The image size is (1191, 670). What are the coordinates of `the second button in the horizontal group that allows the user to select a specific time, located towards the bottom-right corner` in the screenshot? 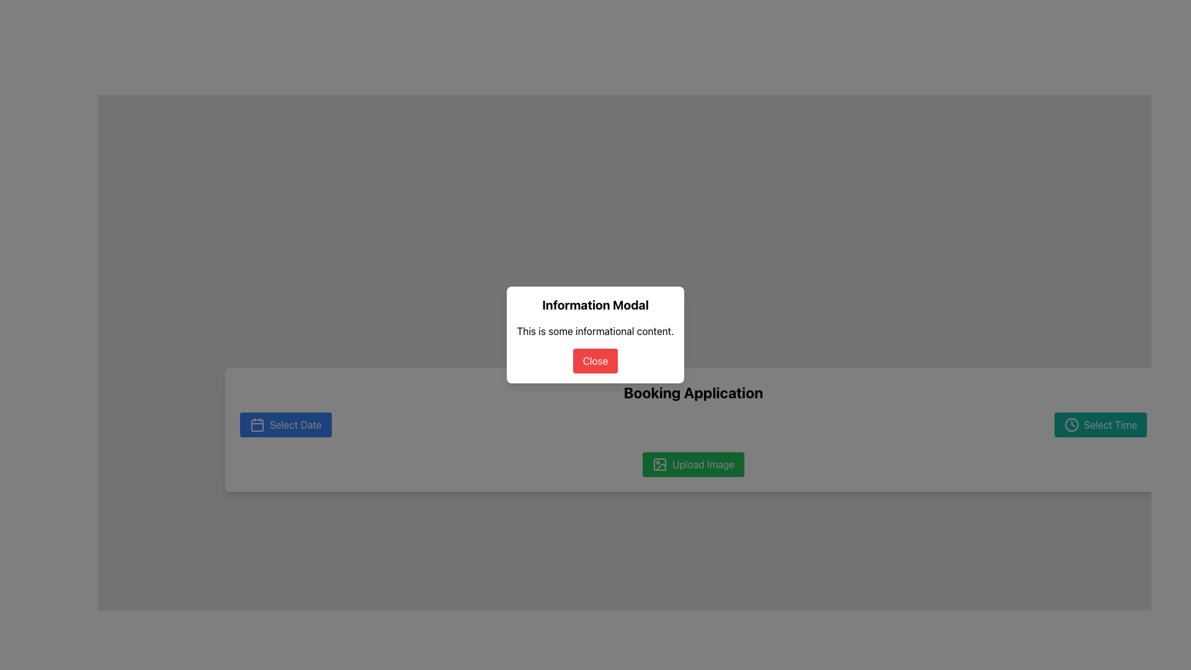 It's located at (1100, 424).